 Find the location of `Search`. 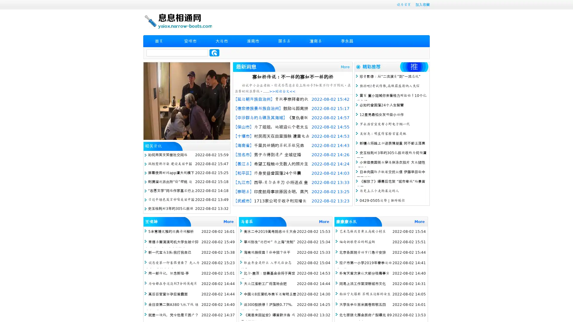

Search is located at coordinates (214, 52).